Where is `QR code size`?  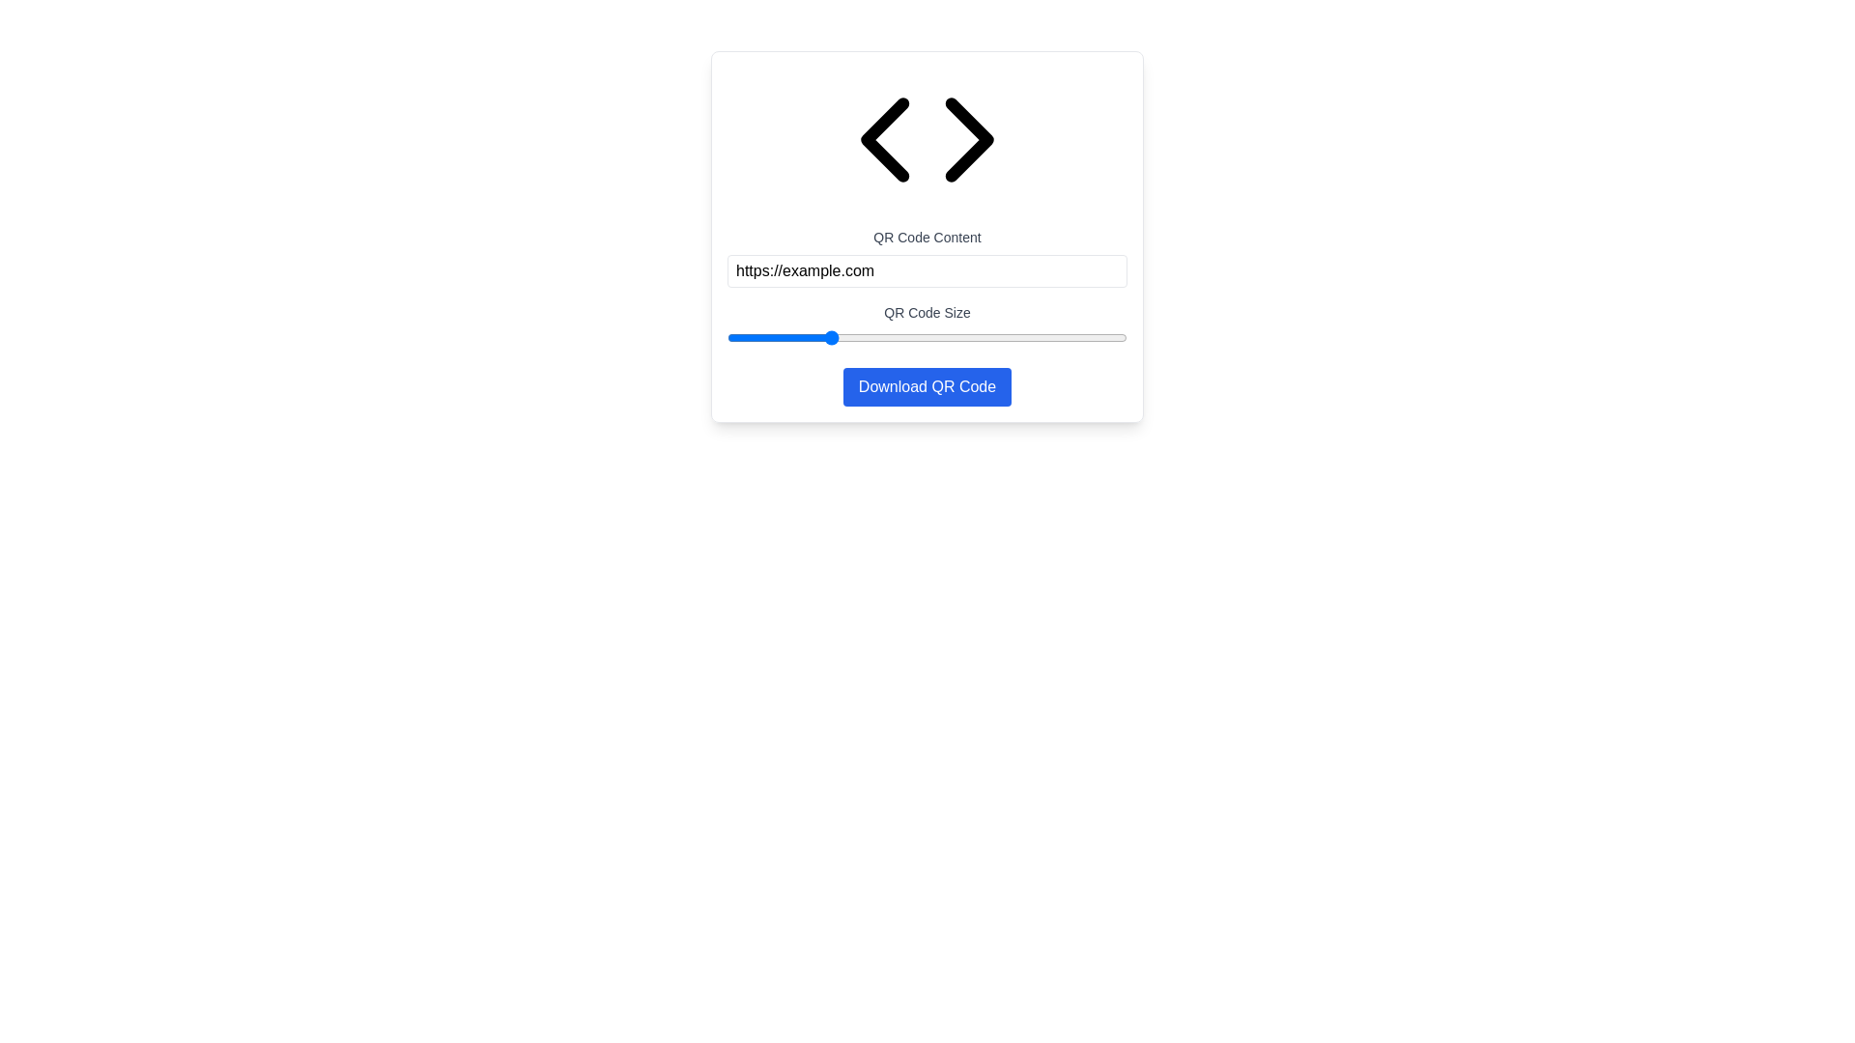
QR code size is located at coordinates (827, 337).